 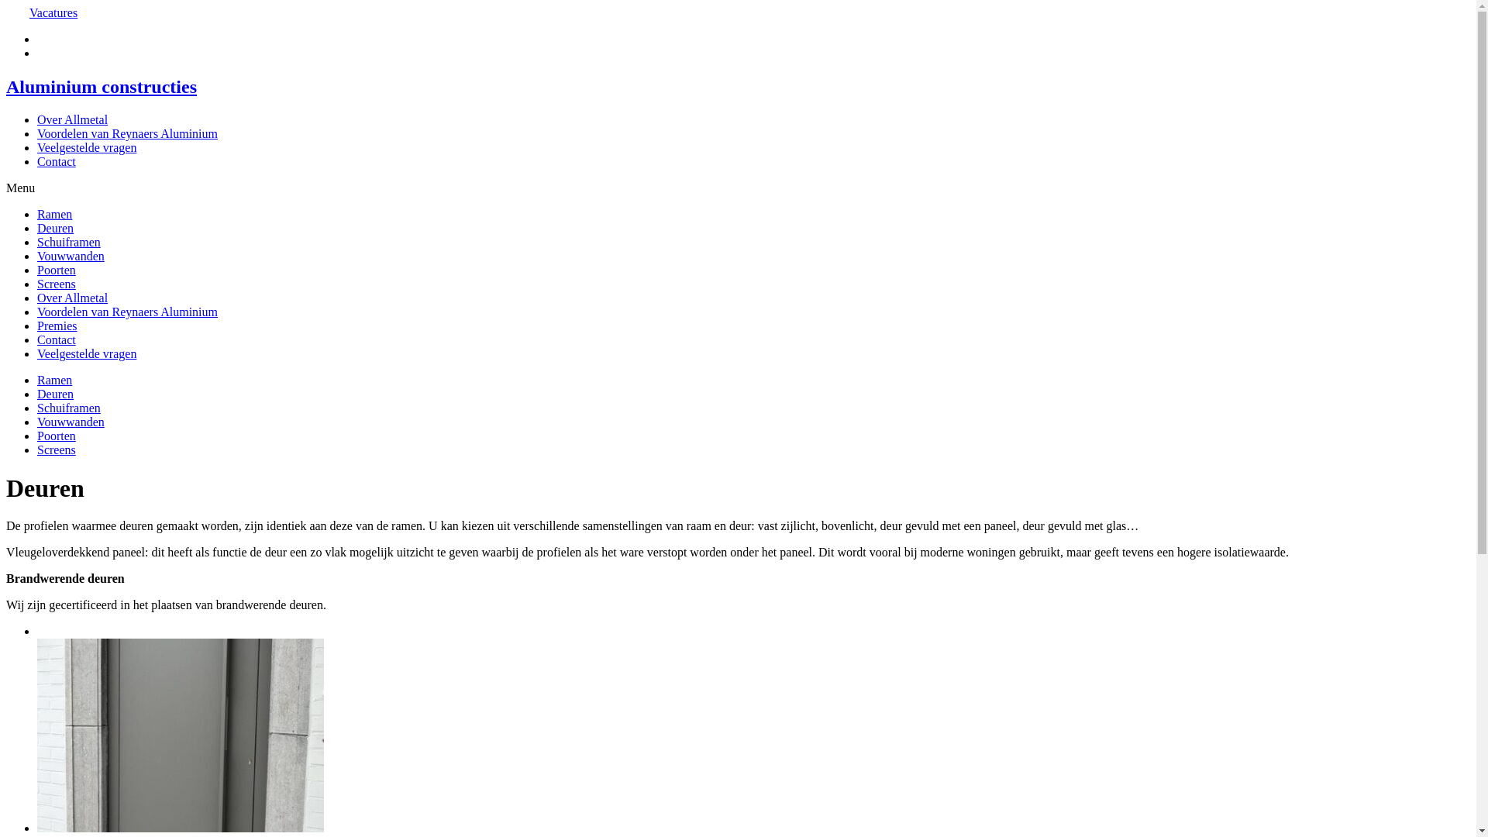 What do you see at coordinates (53, 12) in the screenshot?
I see `'Vacatures'` at bounding box center [53, 12].